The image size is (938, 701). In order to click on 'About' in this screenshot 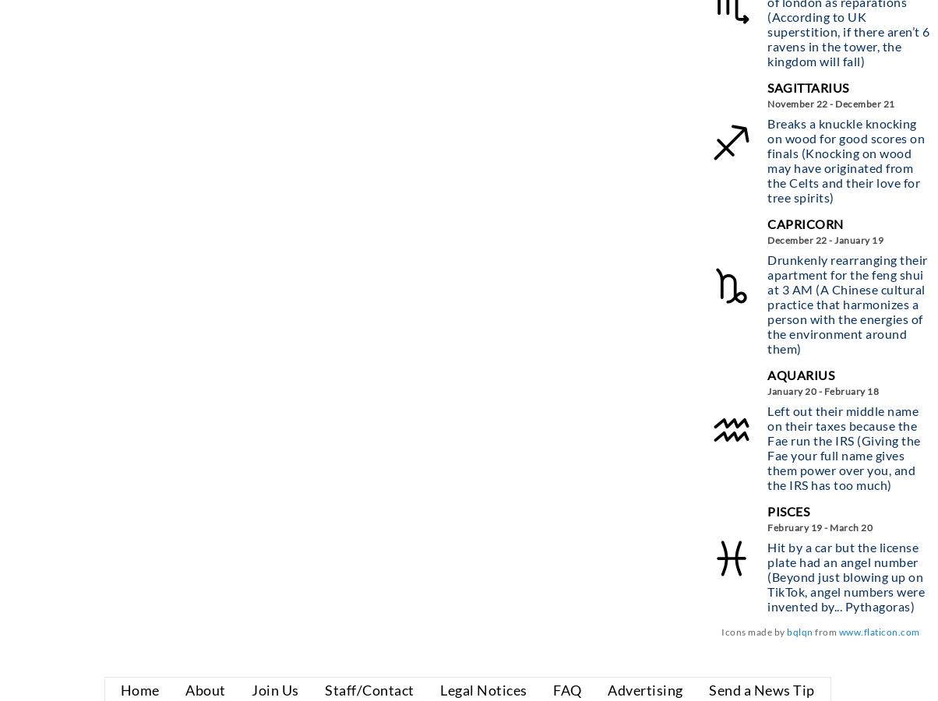, I will do `click(205, 689)`.